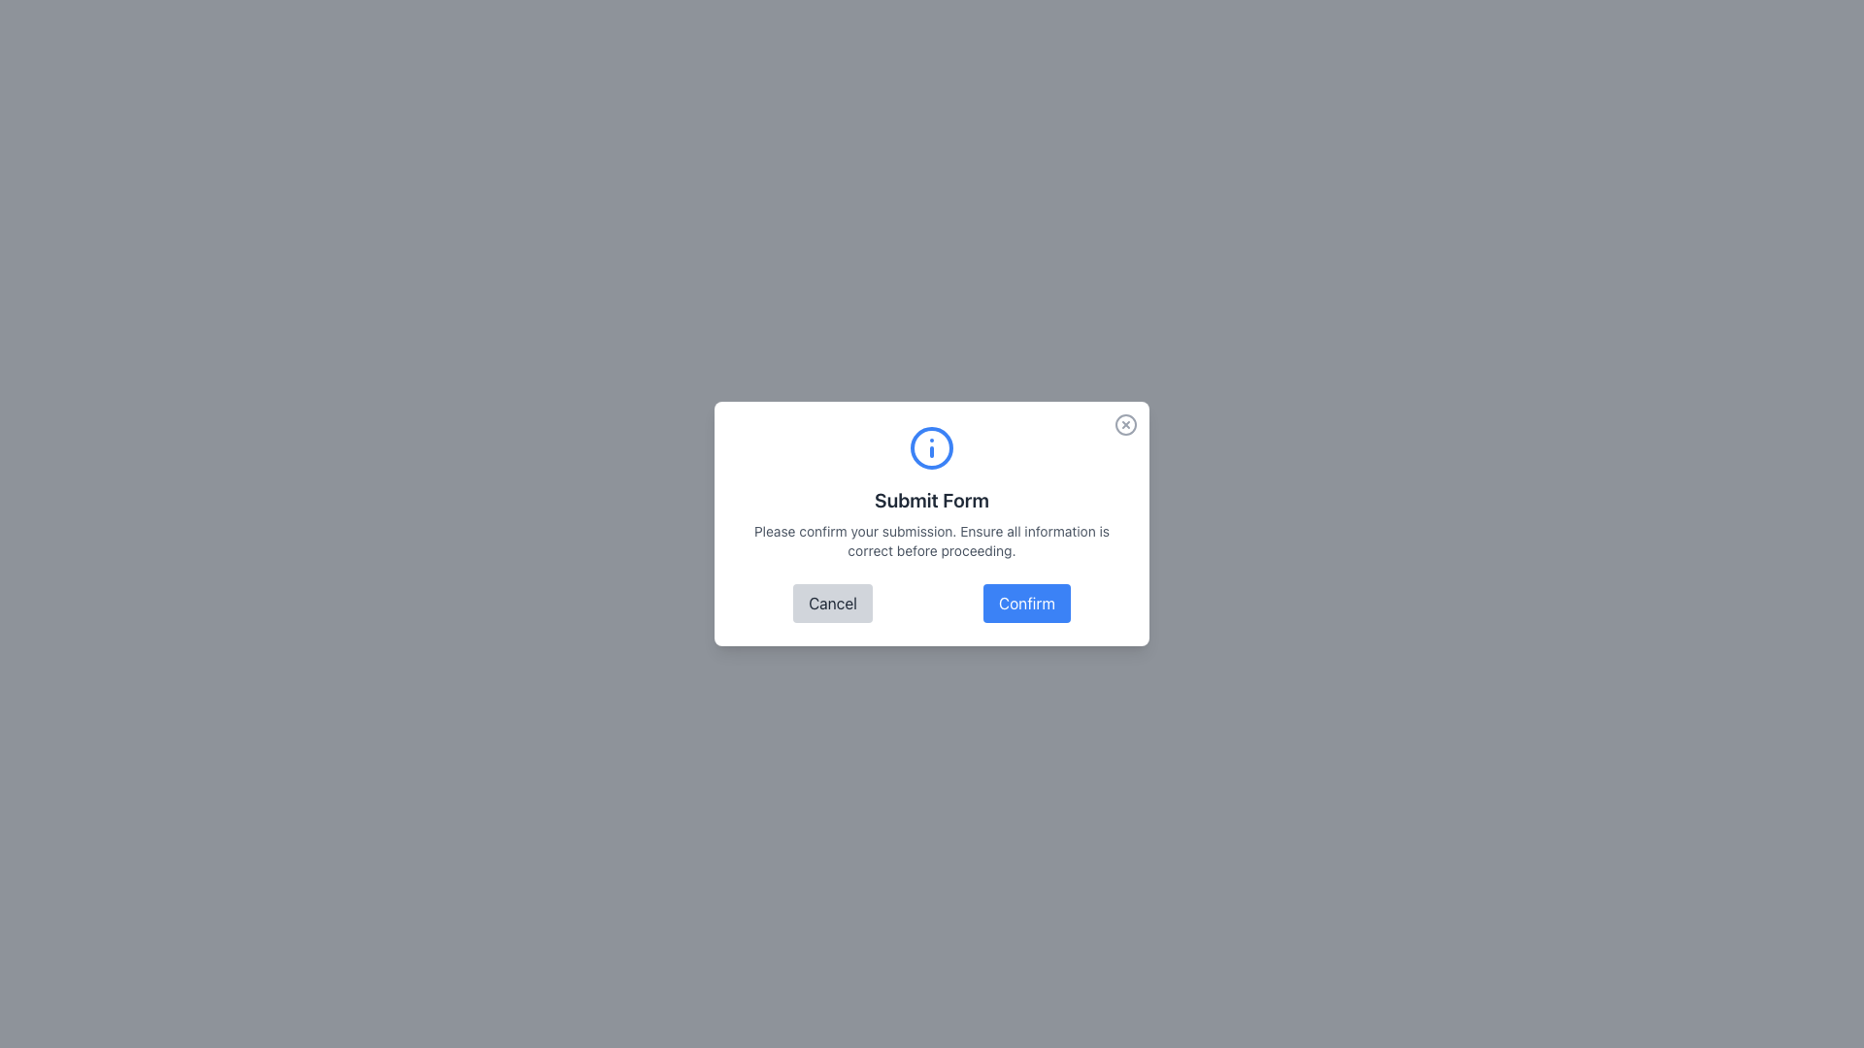 The width and height of the screenshot is (1864, 1048). What do you see at coordinates (932, 448) in the screenshot?
I see `the blue outline circle of the informational icon located at the top of the 'Submit Form' modal` at bounding box center [932, 448].